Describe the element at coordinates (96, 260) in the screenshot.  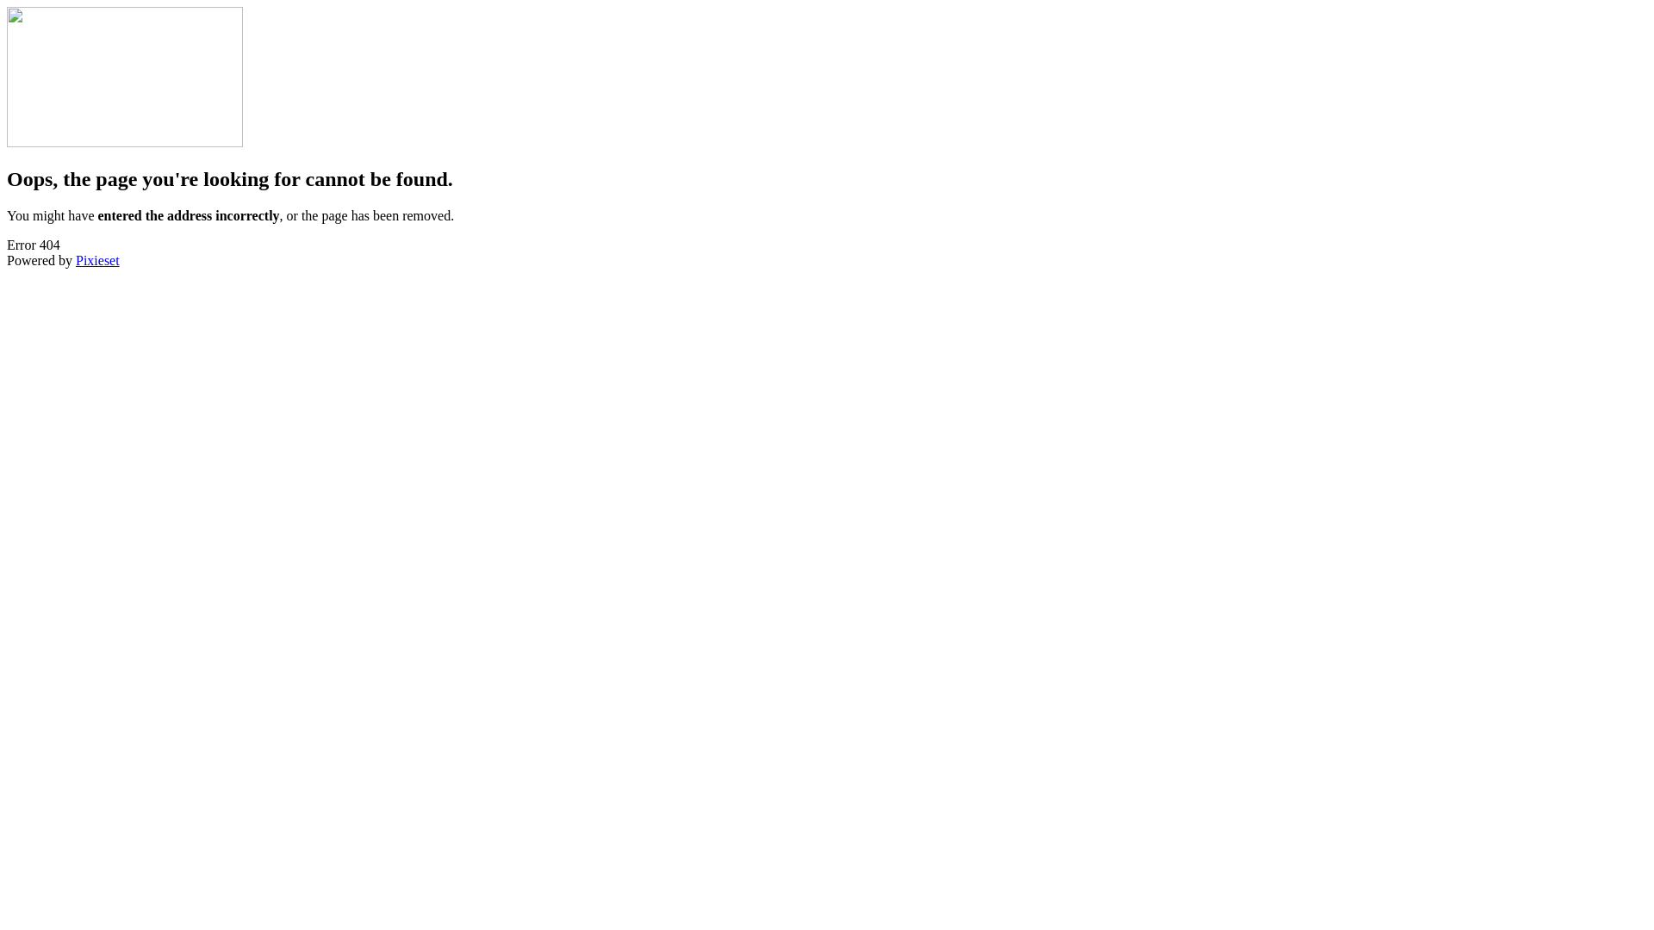
I see `'Pixieset'` at that location.